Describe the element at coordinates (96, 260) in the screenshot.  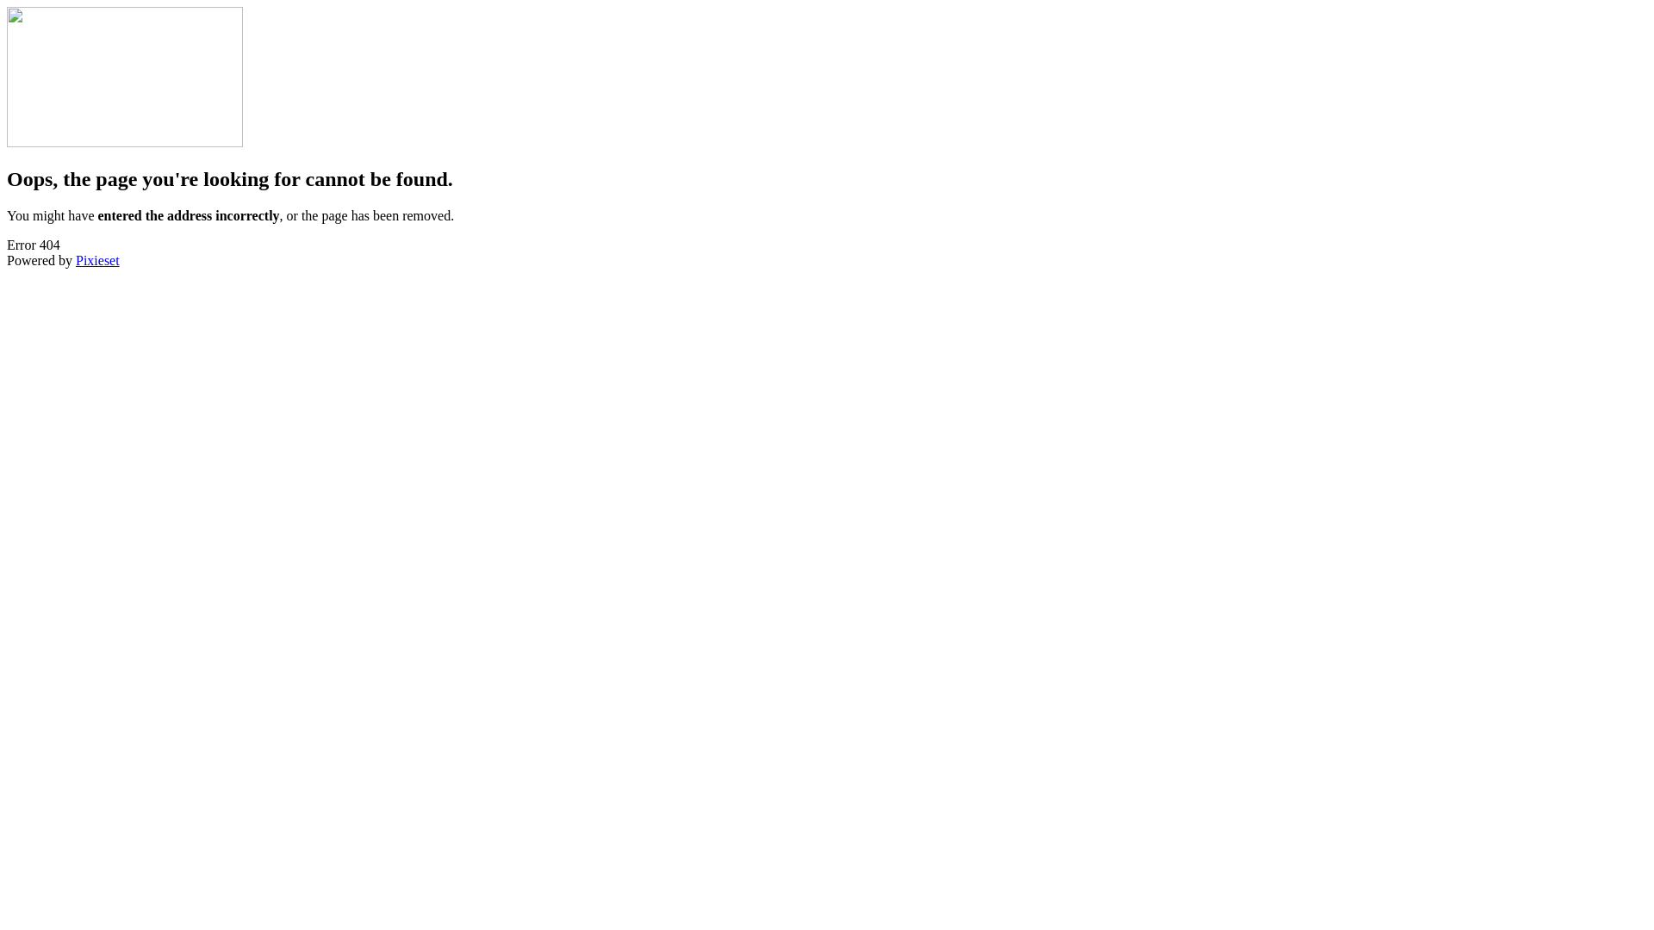
I see `'Pixieset'` at that location.